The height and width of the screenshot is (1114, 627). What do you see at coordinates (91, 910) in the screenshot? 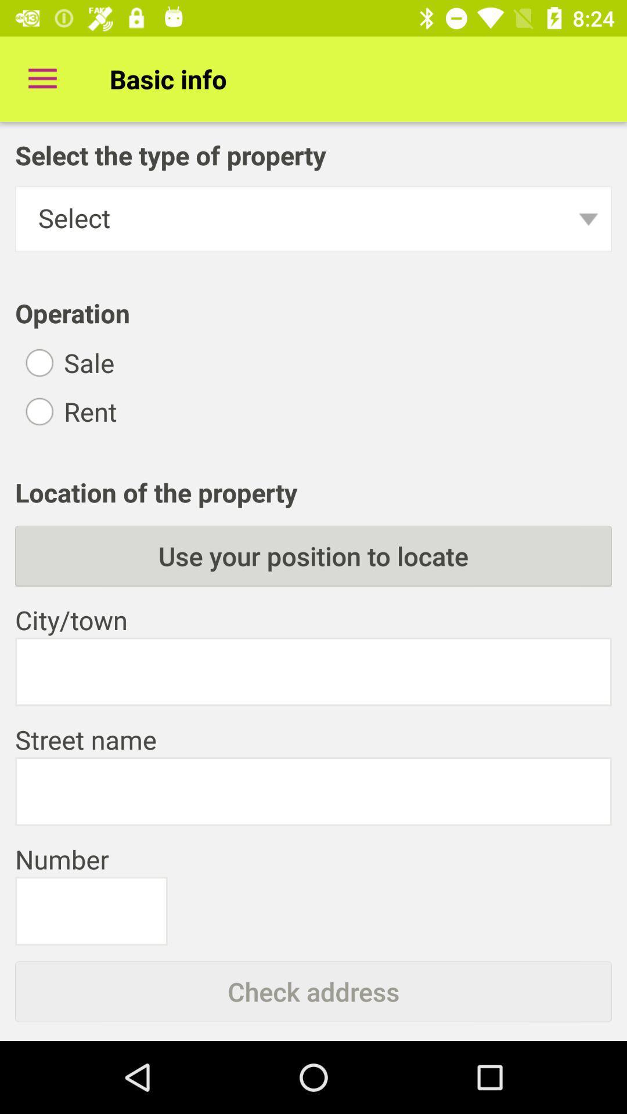
I see `information` at bounding box center [91, 910].